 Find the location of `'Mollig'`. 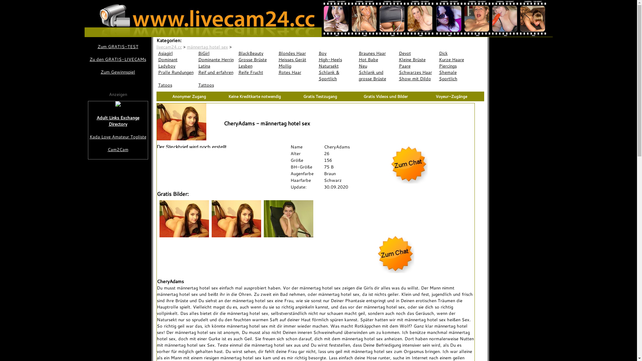

'Mollig' is located at coordinates (297, 66).